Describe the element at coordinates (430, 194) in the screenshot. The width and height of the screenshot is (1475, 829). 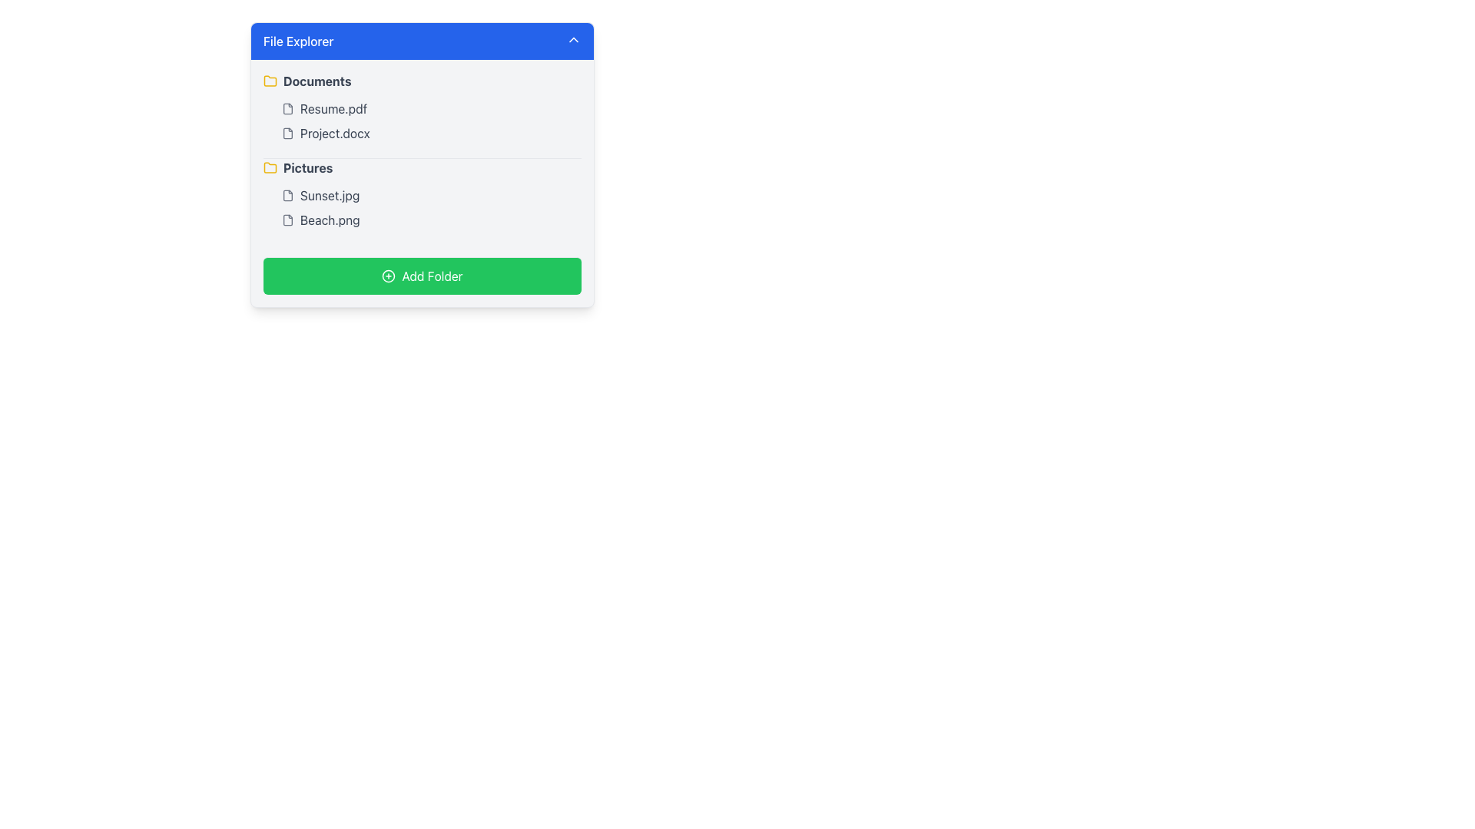
I see `the file item 'Sunset.jpg' in the file explorer list` at that location.